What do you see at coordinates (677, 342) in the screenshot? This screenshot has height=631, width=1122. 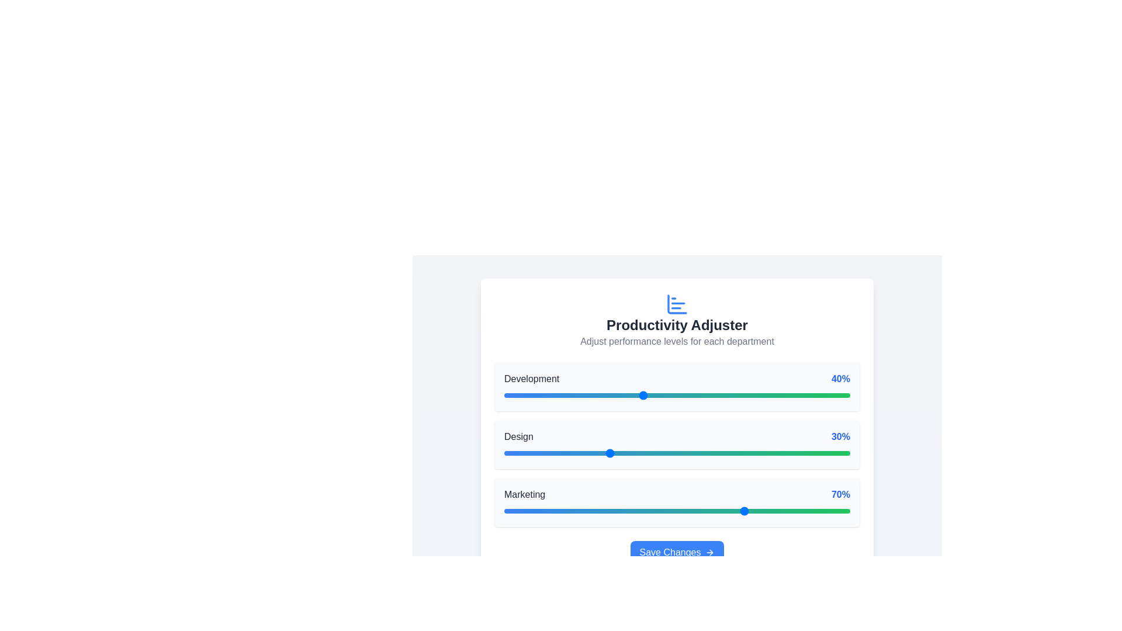 I see `the text label providing context for adjusting performance levels for departments, located below the 'Productivity Adjuster' title and above the department sliders` at bounding box center [677, 342].